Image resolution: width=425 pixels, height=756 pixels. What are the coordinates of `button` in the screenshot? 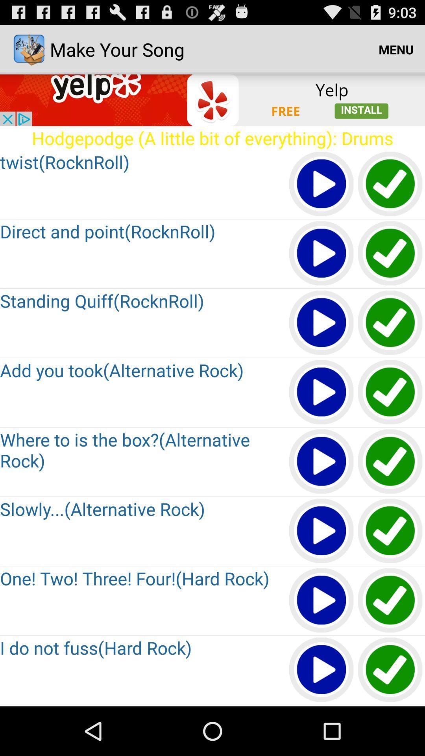 It's located at (322, 600).